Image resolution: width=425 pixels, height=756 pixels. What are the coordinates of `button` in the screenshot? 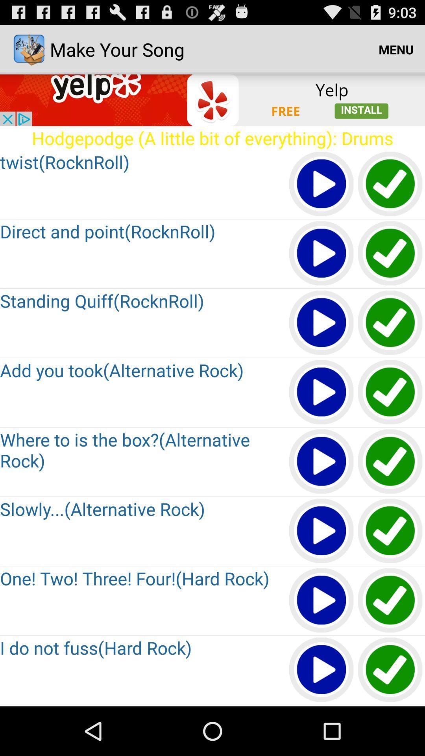 It's located at (322, 600).